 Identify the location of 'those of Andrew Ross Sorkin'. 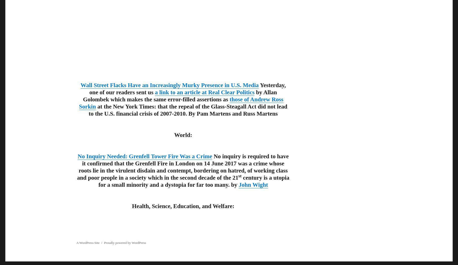
(181, 103).